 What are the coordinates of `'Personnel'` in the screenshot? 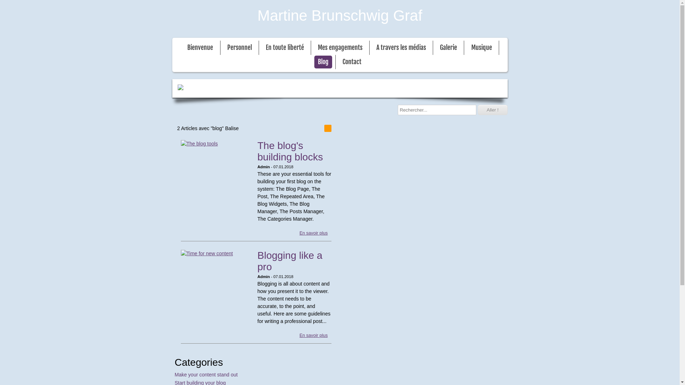 It's located at (239, 48).